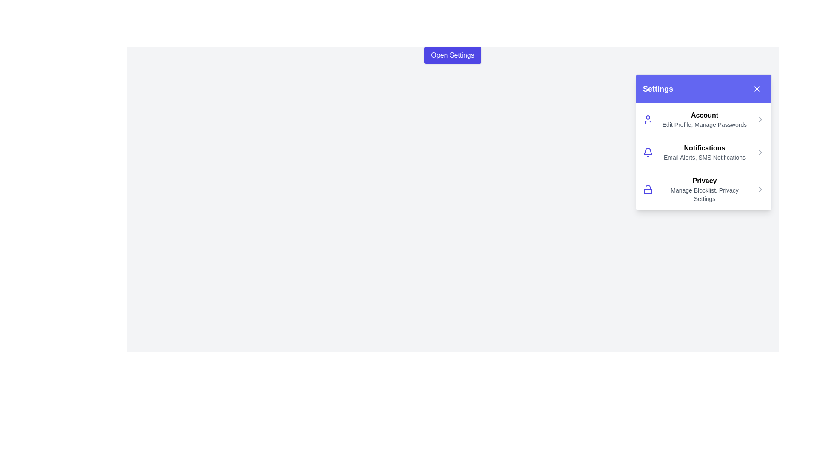 This screenshot has height=460, width=817. Describe the element at coordinates (452, 55) in the screenshot. I see `the 'Open Settings' button with a violet background` at that location.